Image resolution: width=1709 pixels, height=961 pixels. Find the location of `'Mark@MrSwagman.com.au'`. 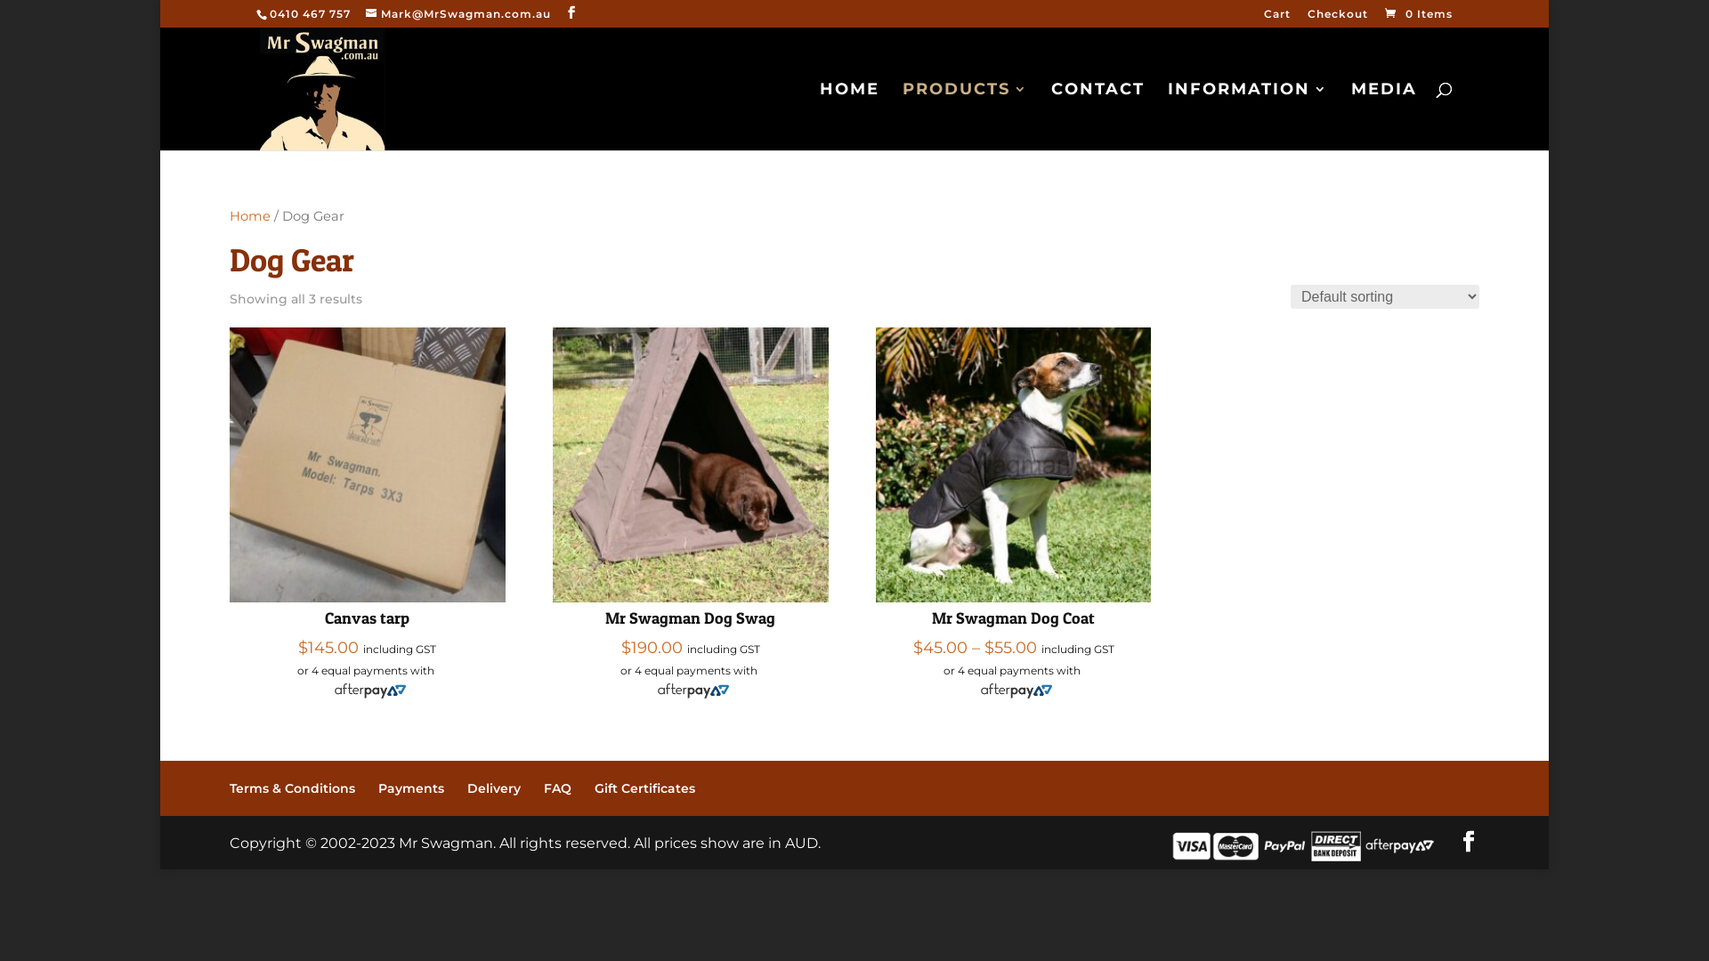

'Mark@MrSwagman.com.au' is located at coordinates (458, 13).